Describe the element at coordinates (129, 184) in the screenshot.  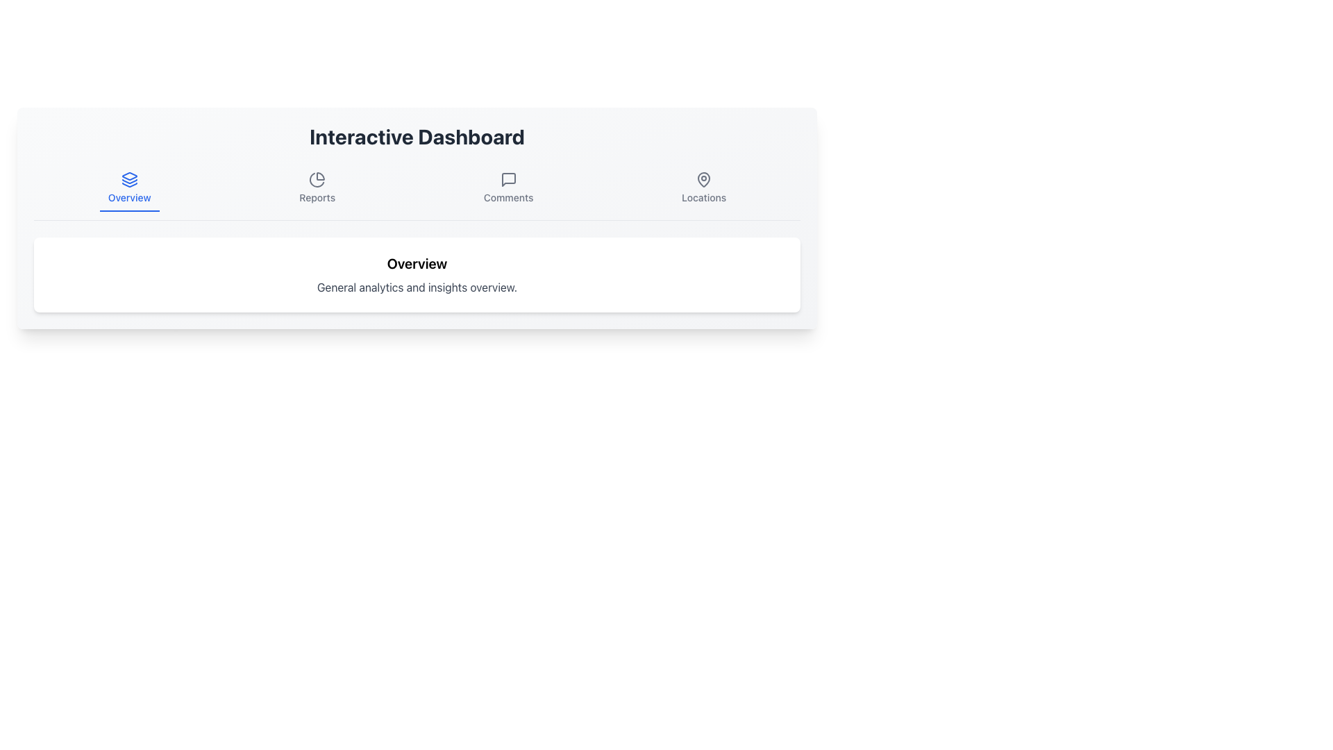
I see `the decorative Graphical Icon Layer associated with the 'Overview' section of the navigation` at that location.